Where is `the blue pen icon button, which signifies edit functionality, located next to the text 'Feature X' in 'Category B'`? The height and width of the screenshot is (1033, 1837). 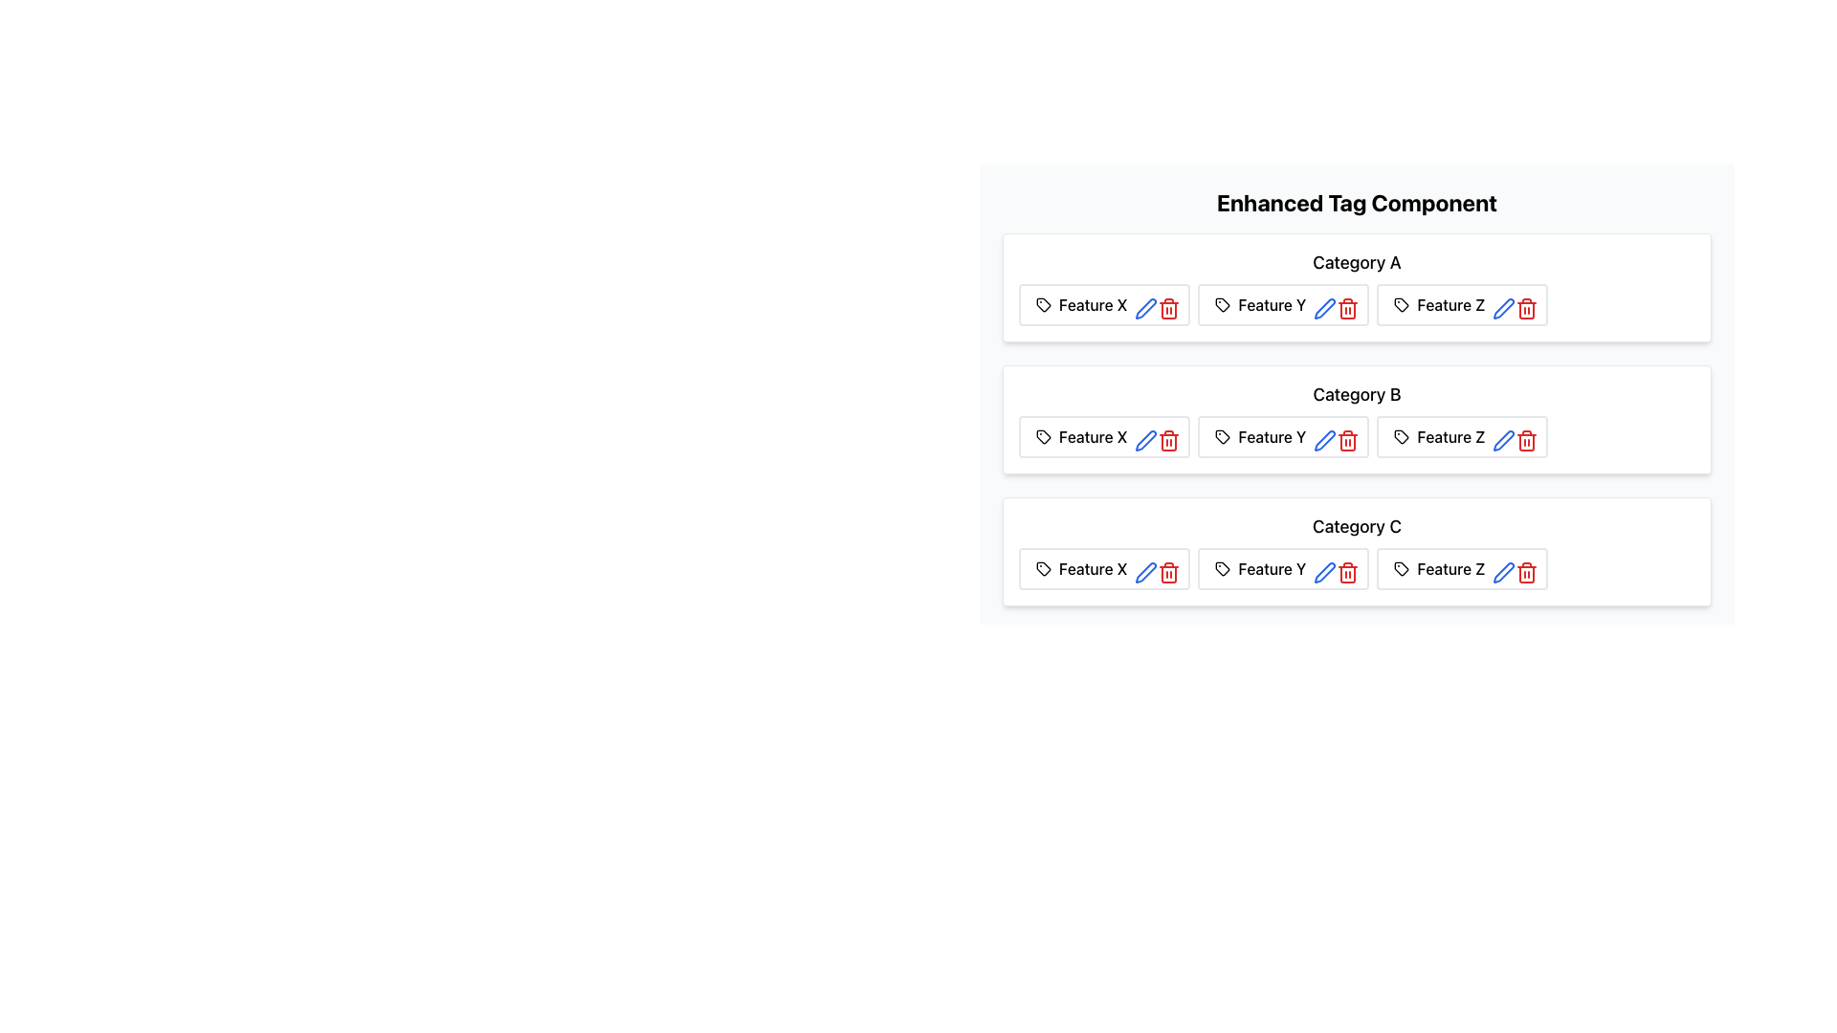 the blue pen icon button, which signifies edit functionality, located next to the text 'Feature X' in 'Category B' is located at coordinates (1146, 441).